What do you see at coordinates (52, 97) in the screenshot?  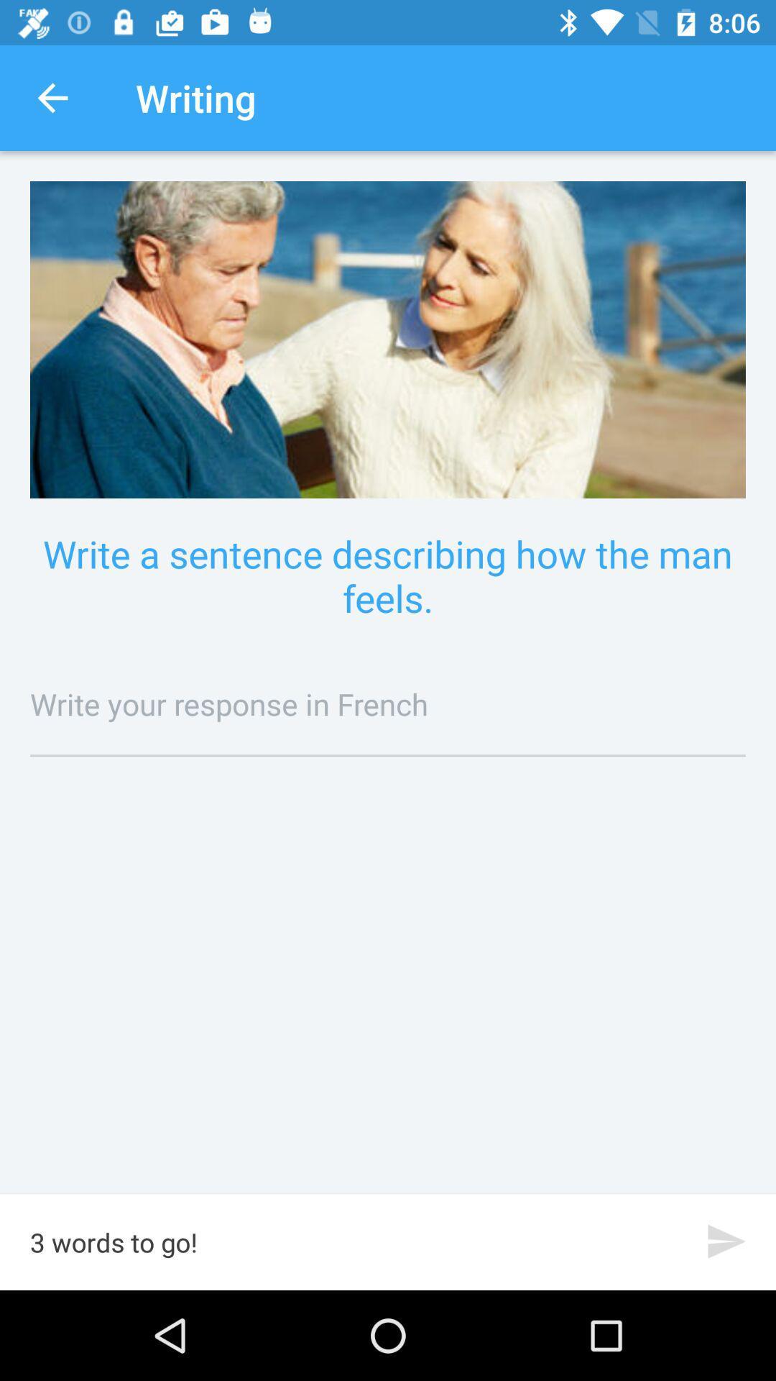 I see `the icon to the left of writing app` at bounding box center [52, 97].